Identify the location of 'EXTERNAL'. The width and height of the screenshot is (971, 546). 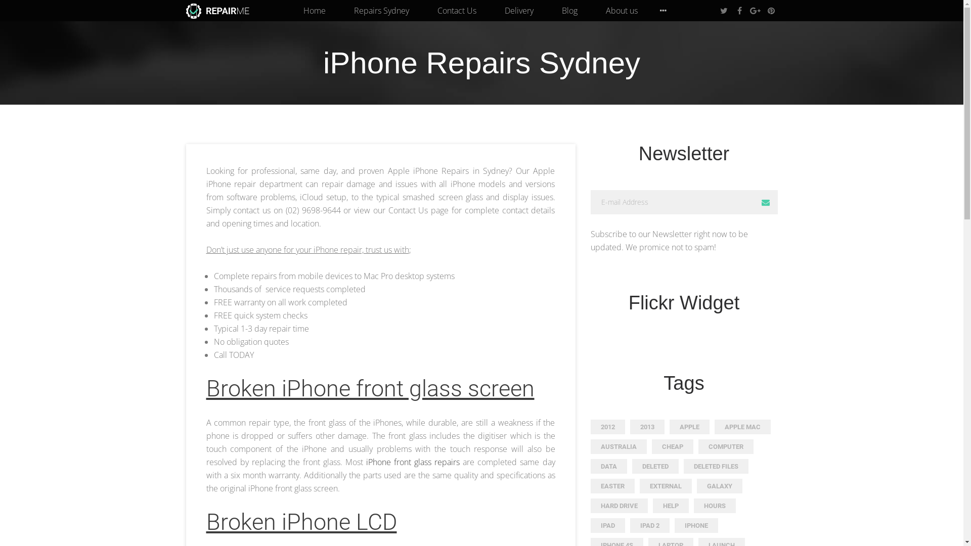
(638, 485).